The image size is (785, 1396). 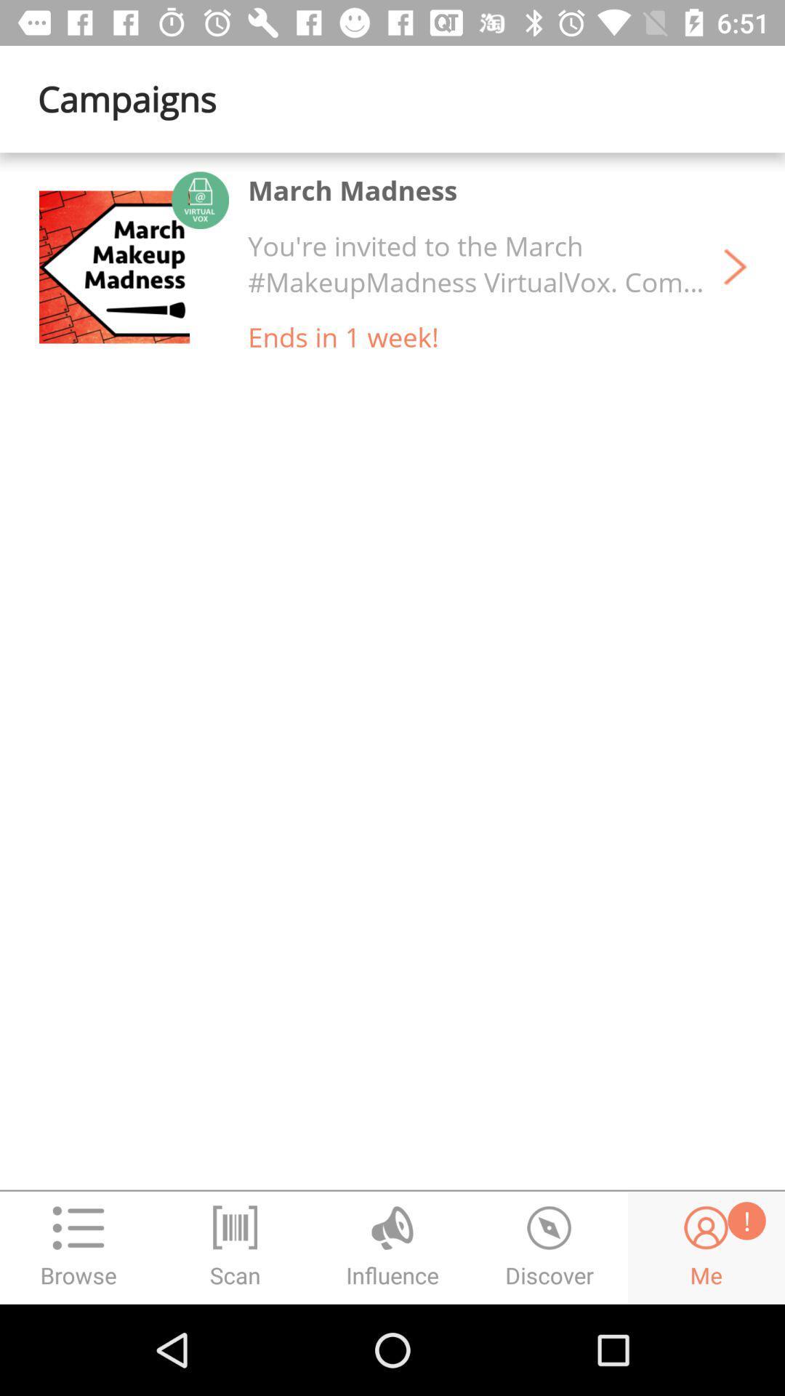 I want to click on the time icon, so click(x=549, y=1247).